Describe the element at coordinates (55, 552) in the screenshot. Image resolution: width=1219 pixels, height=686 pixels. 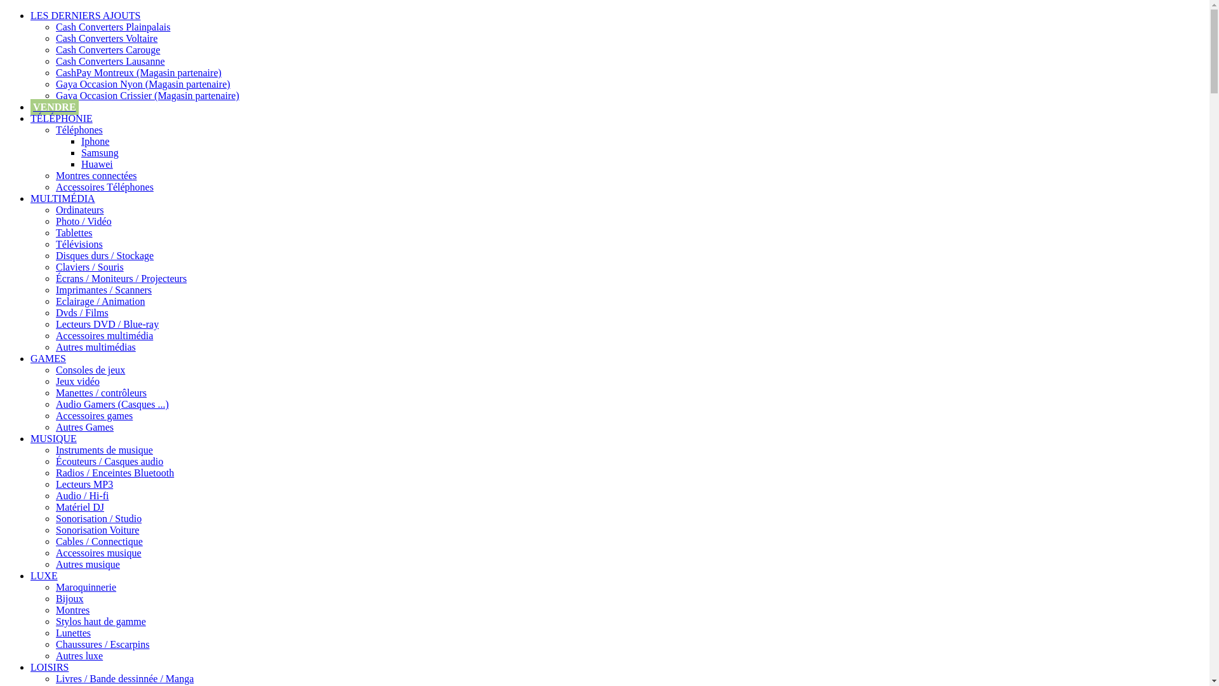
I see `'Accessoires musique'` at that location.